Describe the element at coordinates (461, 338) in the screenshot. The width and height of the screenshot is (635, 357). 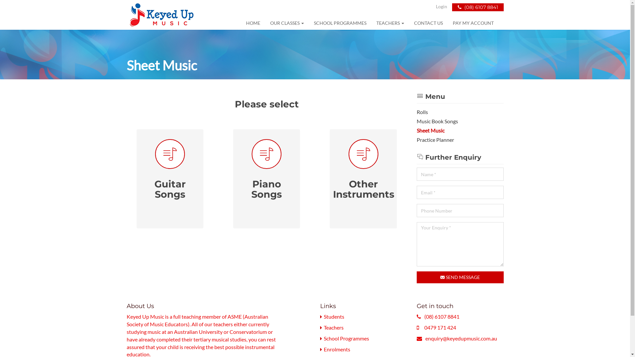
I see `'enquiry@keyedupmusic.com.au'` at that location.